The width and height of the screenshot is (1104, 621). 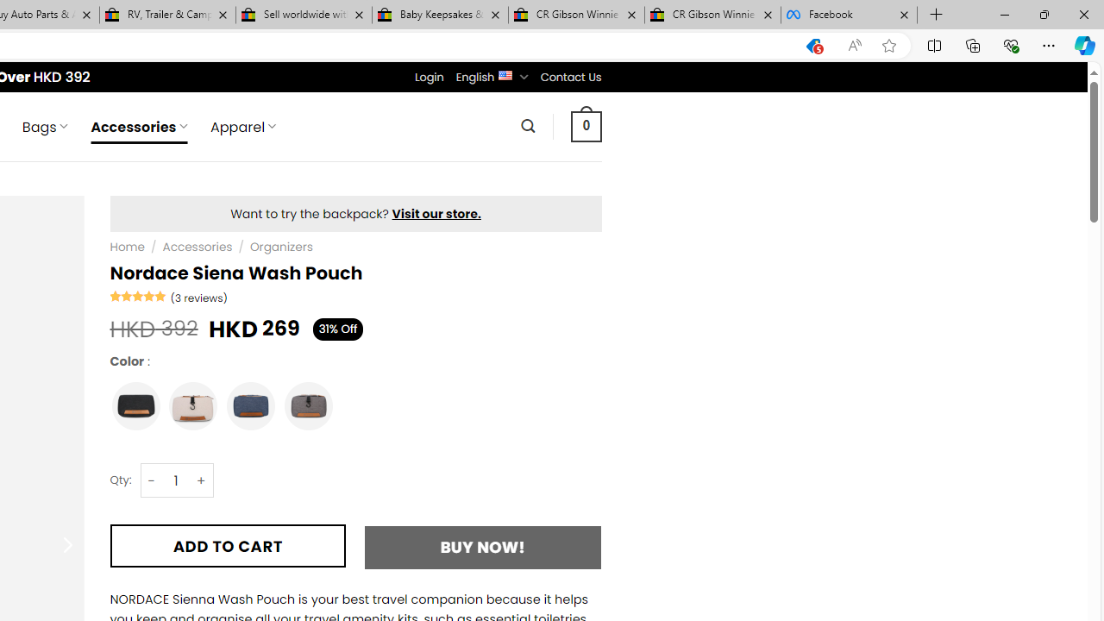 I want to click on 'Nordace Siena Wash Pouch quantity', so click(x=176, y=480).